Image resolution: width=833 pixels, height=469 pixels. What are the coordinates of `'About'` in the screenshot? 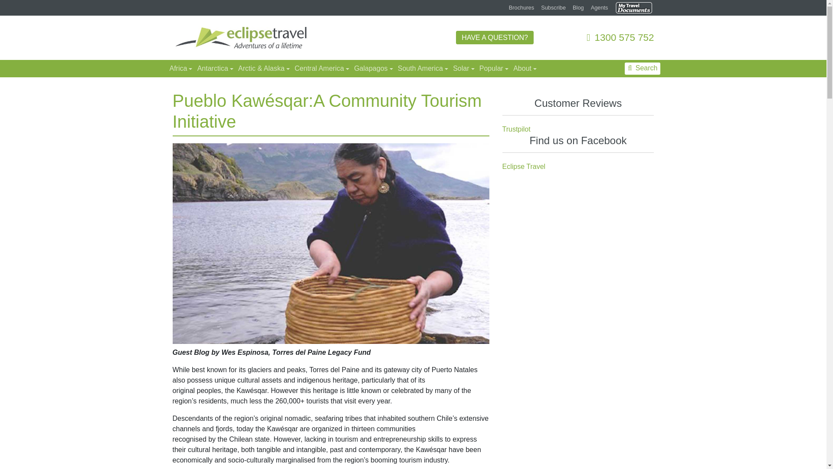 It's located at (523, 68).